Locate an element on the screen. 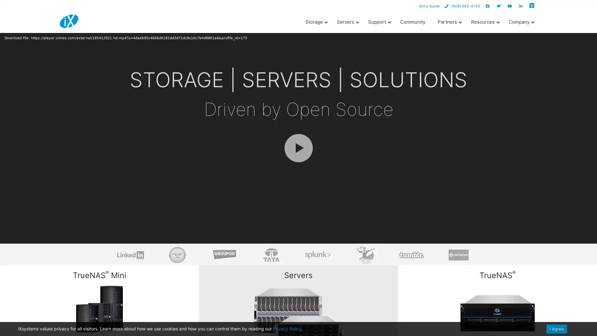 The height and width of the screenshot is (336, 597). I Agree is located at coordinates (557, 329).